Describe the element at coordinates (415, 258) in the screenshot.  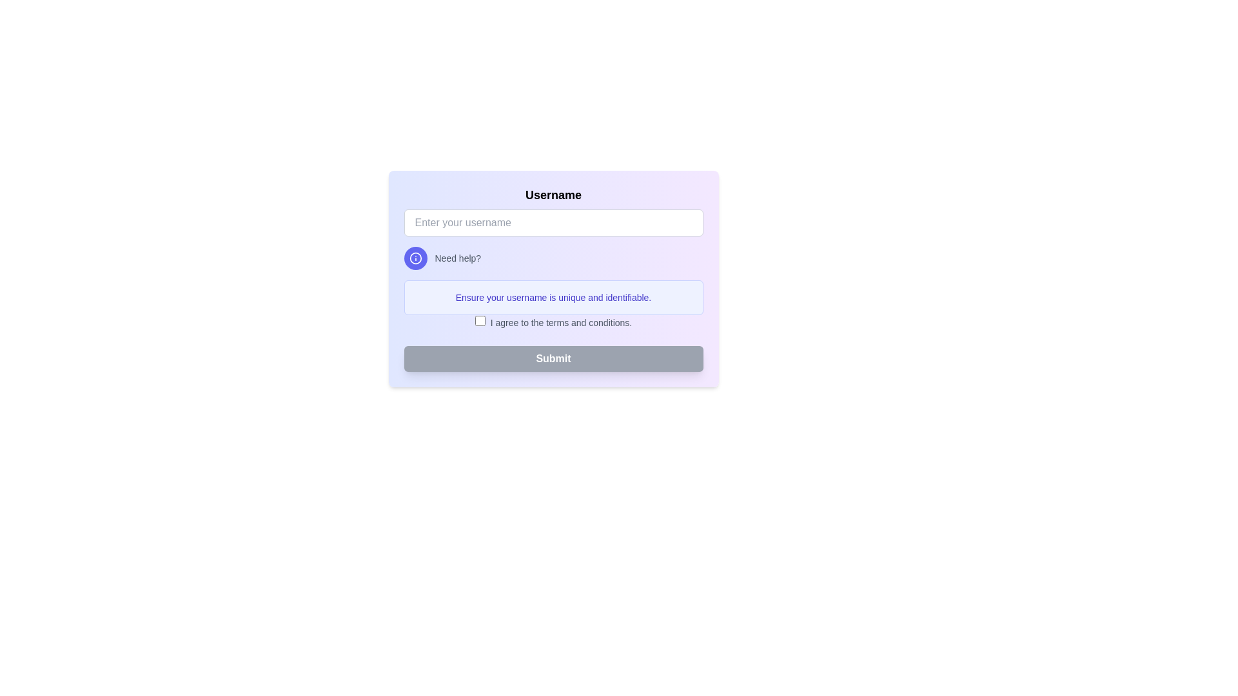
I see `the info icon, which is an outlined circle with an 'i', located adjacent to the 'Need help?' text field in the user input modal` at that location.